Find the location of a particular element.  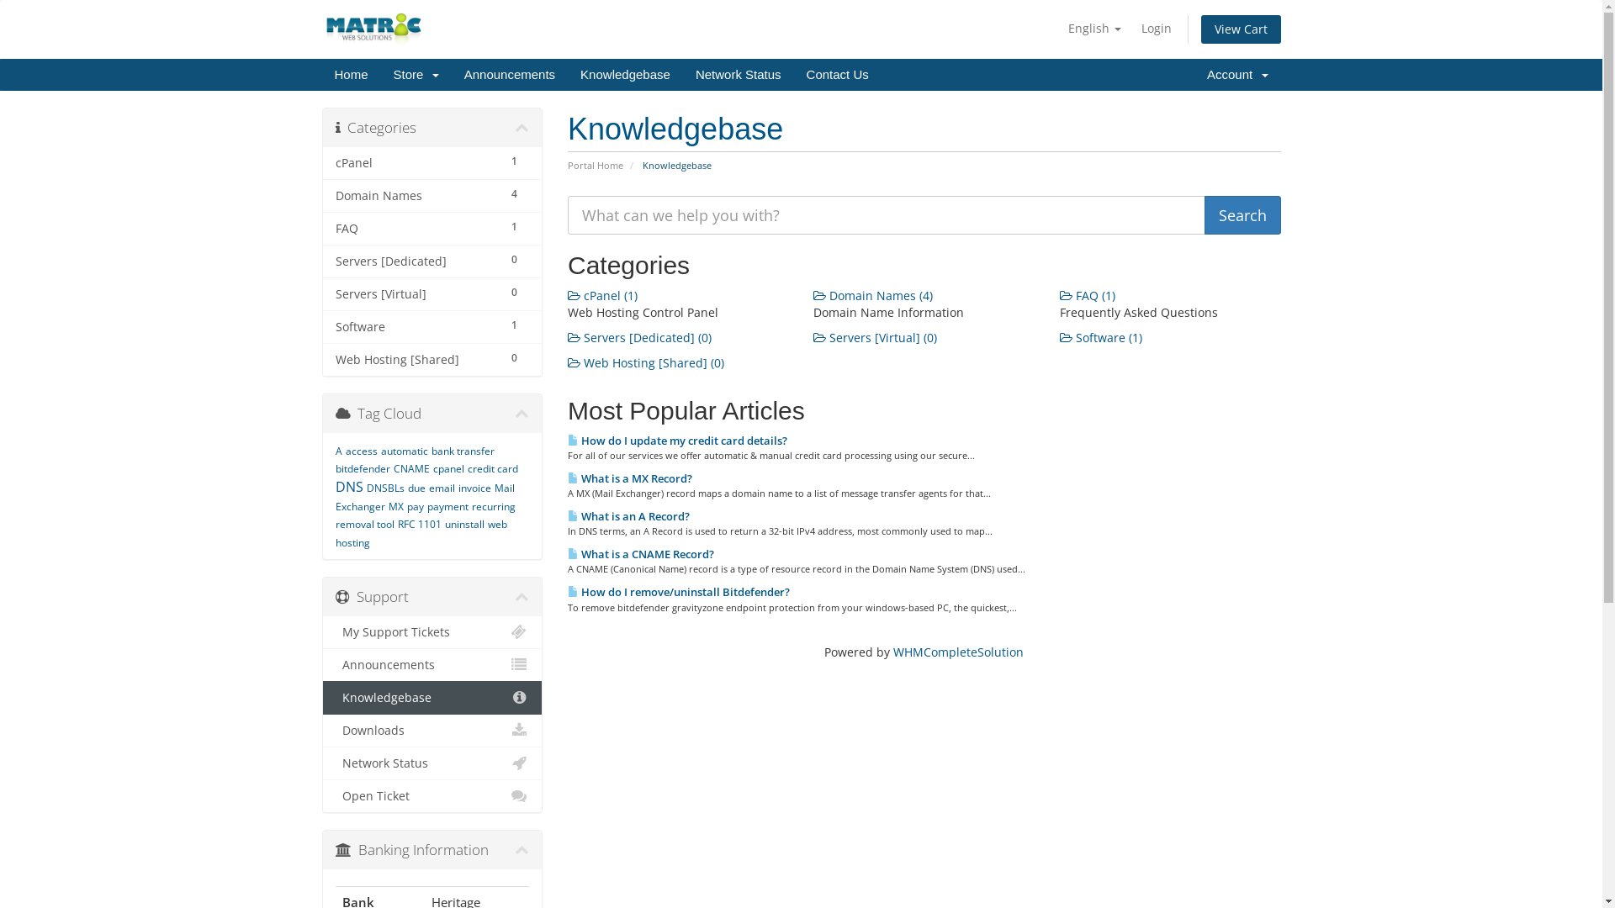

'recurring' is located at coordinates (491, 505).